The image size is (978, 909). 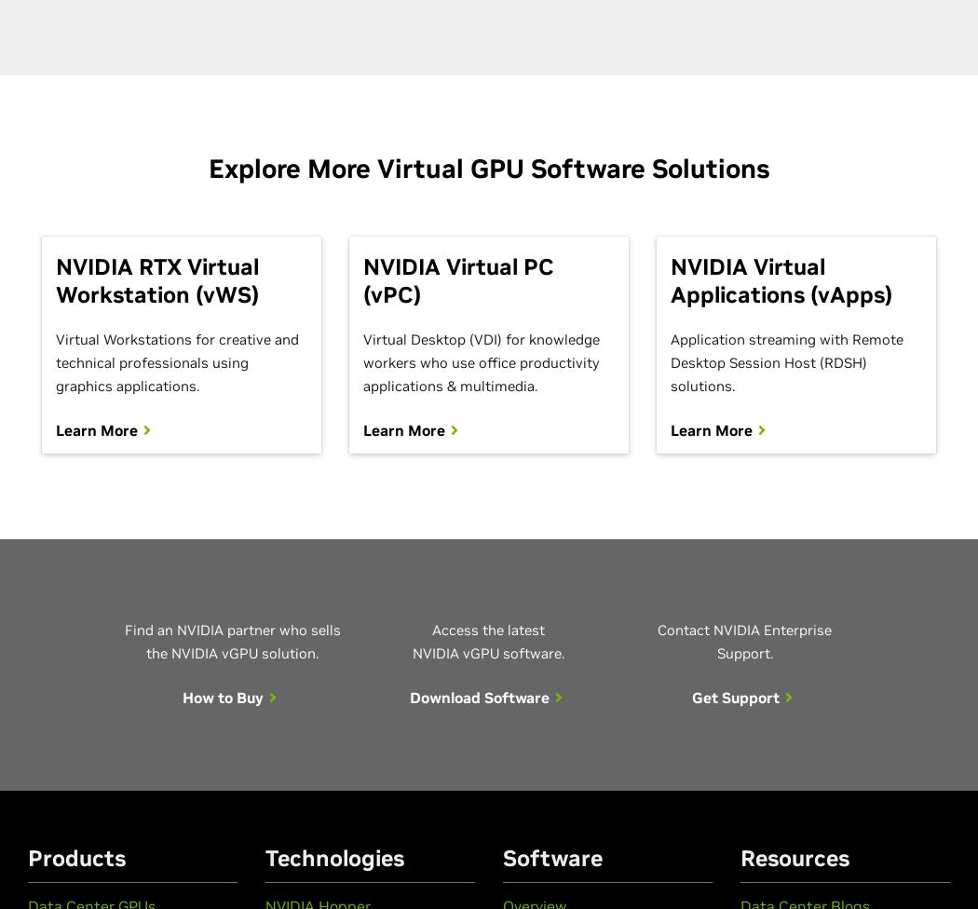 I want to click on 'Get Support', so click(x=690, y=697).